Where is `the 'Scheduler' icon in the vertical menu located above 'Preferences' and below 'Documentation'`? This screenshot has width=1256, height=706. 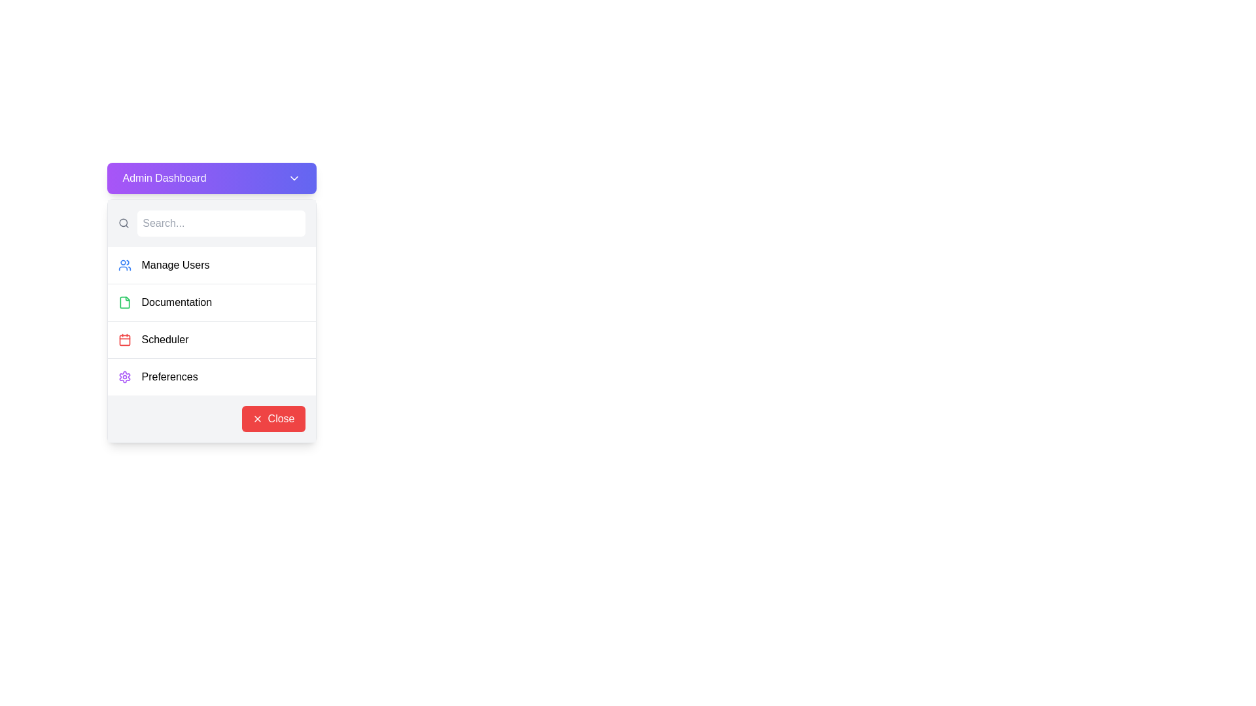
the 'Scheduler' icon in the vertical menu located above 'Preferences' and below 'Documentation' is located at coordinates (124, 339).